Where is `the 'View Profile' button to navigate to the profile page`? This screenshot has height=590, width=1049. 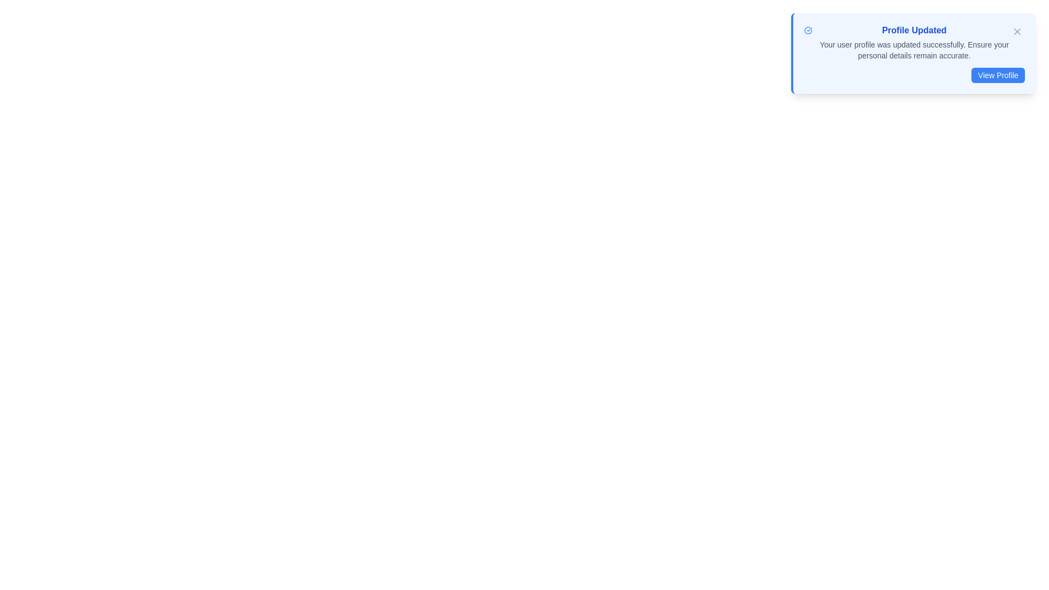 the 'View Profile' button to navigate to the profile page is located at coordinates (998, 75).